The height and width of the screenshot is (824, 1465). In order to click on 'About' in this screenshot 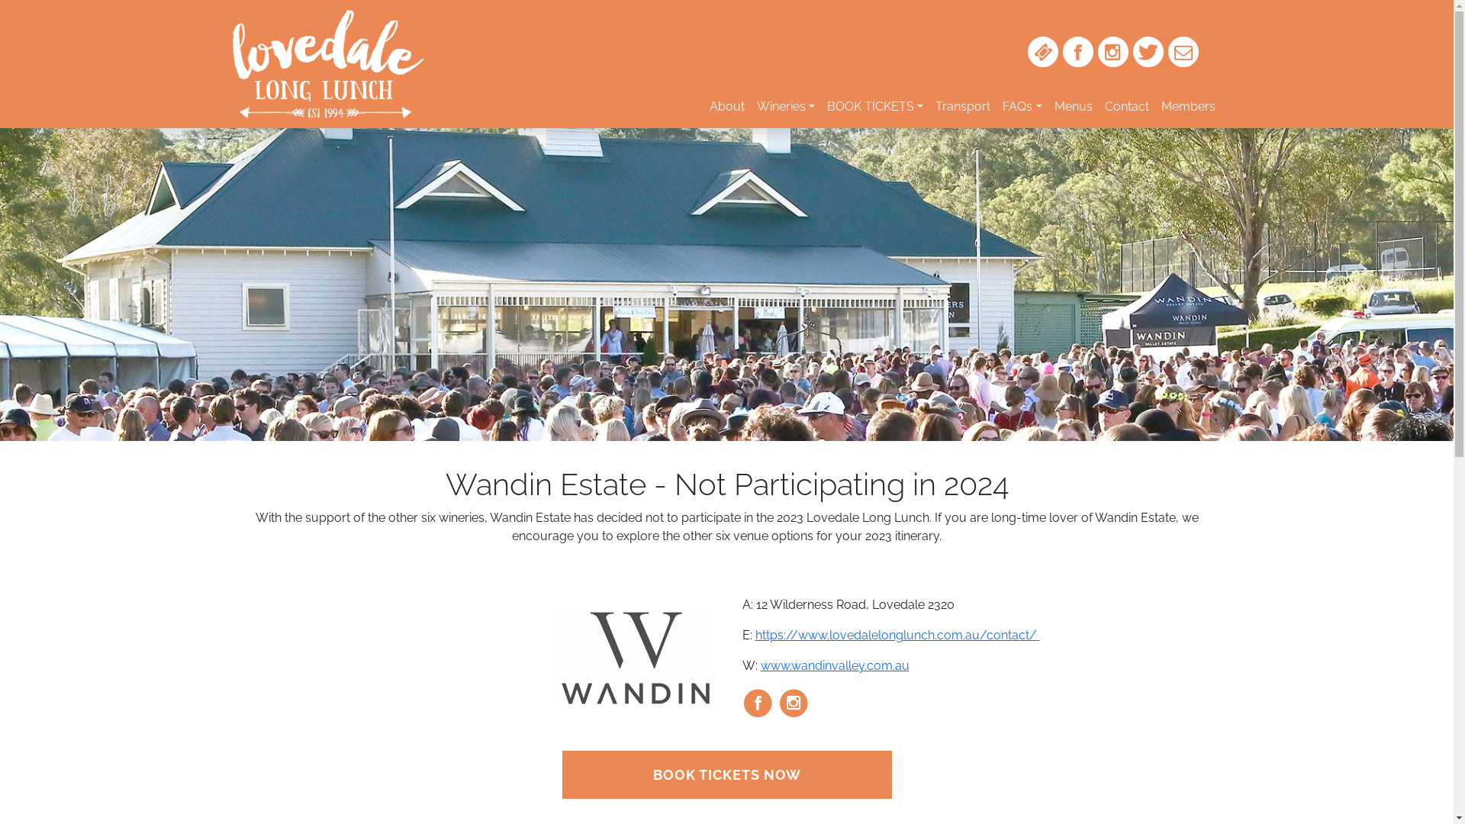, I will do `click(726, 105)`.